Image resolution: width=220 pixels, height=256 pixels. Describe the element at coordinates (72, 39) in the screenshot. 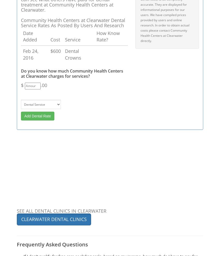

I see `'Service'` at that location.